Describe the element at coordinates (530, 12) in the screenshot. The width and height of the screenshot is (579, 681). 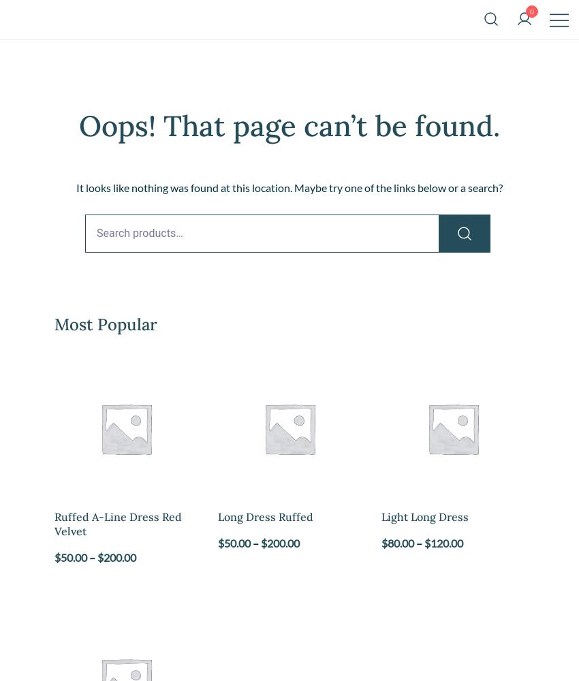
I see `'0'` at that location.